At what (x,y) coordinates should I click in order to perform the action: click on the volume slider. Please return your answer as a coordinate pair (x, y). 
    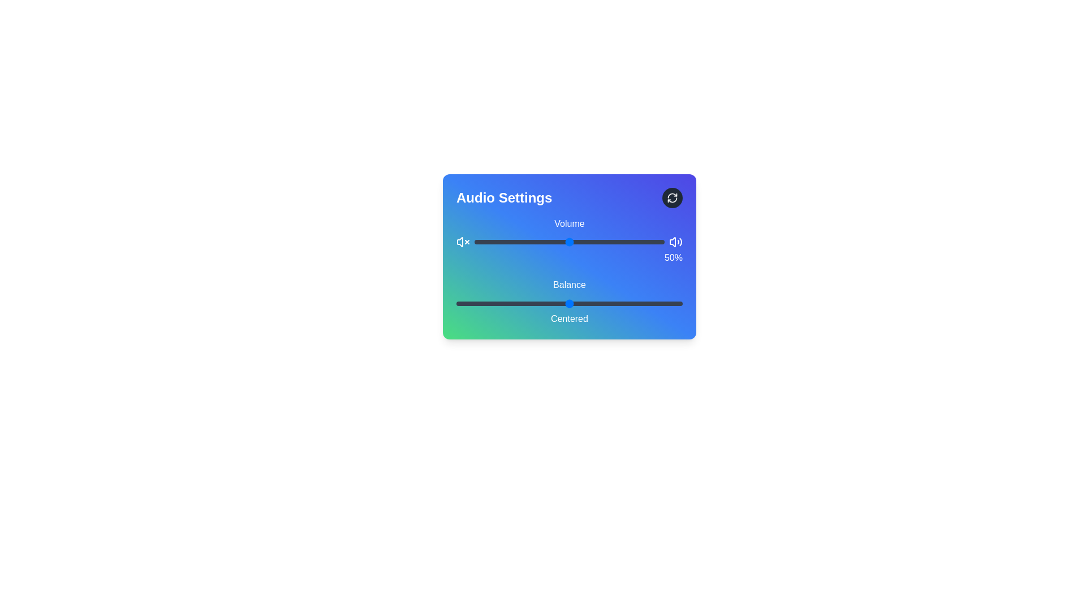
    Looking at the image, I should click on (658, 242).